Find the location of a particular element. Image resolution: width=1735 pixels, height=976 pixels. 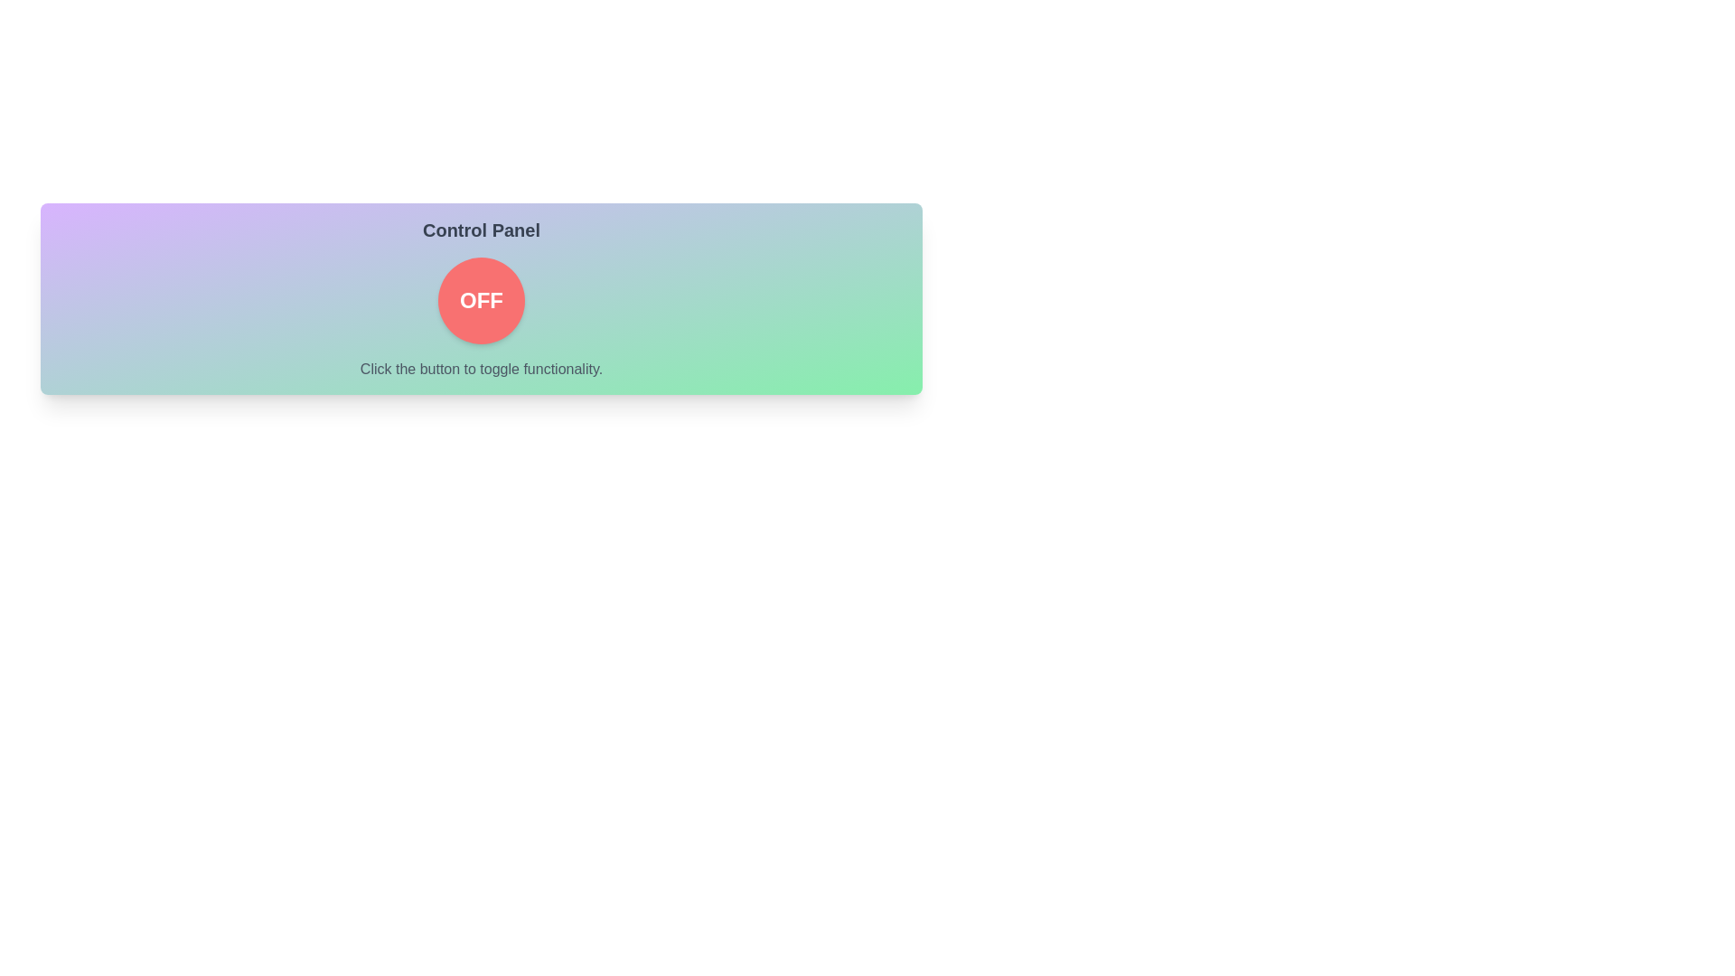

the button to toggle its state is located at coordinates (481, 299).